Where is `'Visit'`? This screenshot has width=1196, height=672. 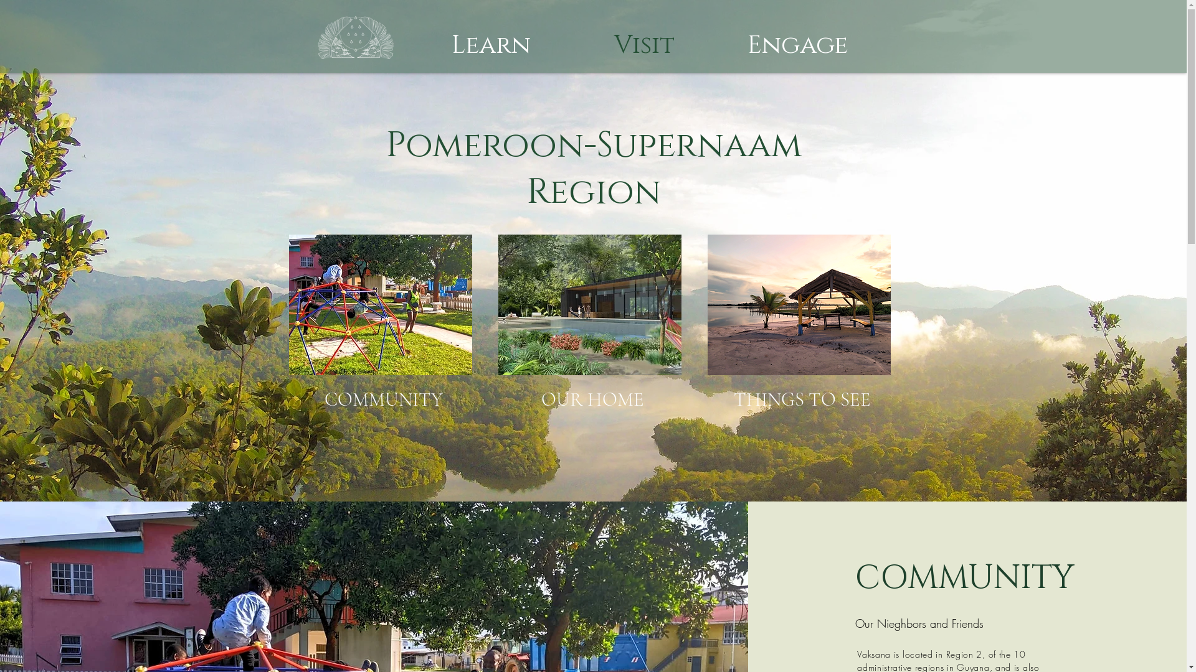 'Visit' is located at coordinates (645, 44).